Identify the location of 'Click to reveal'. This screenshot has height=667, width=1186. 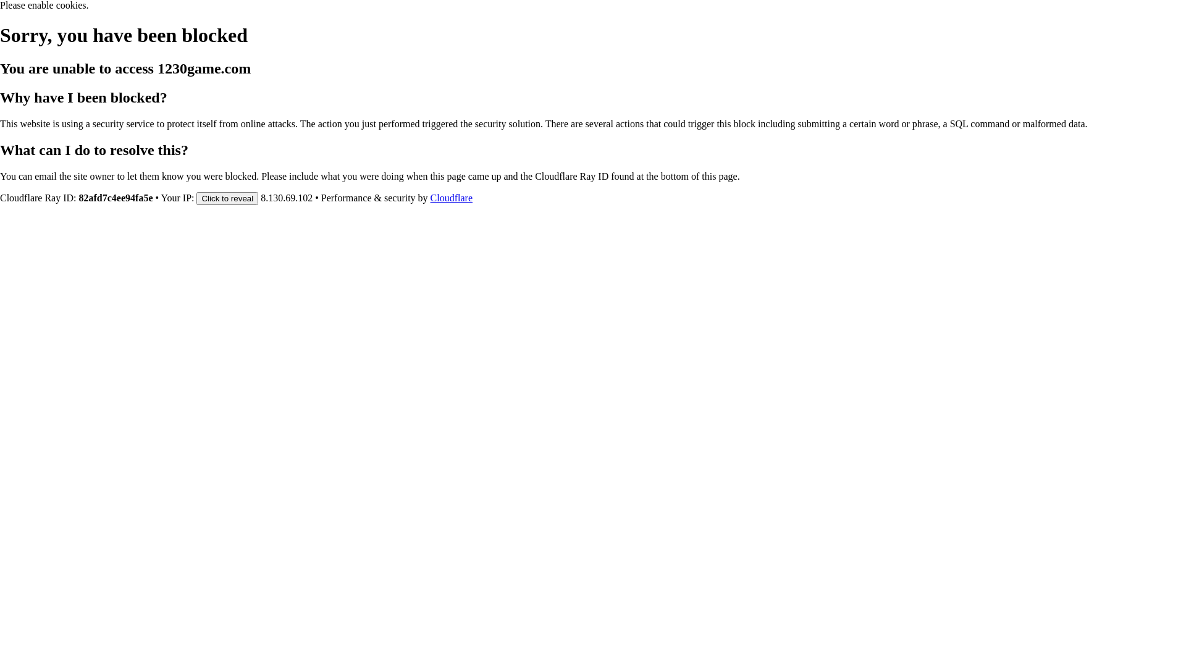
(227, 197).